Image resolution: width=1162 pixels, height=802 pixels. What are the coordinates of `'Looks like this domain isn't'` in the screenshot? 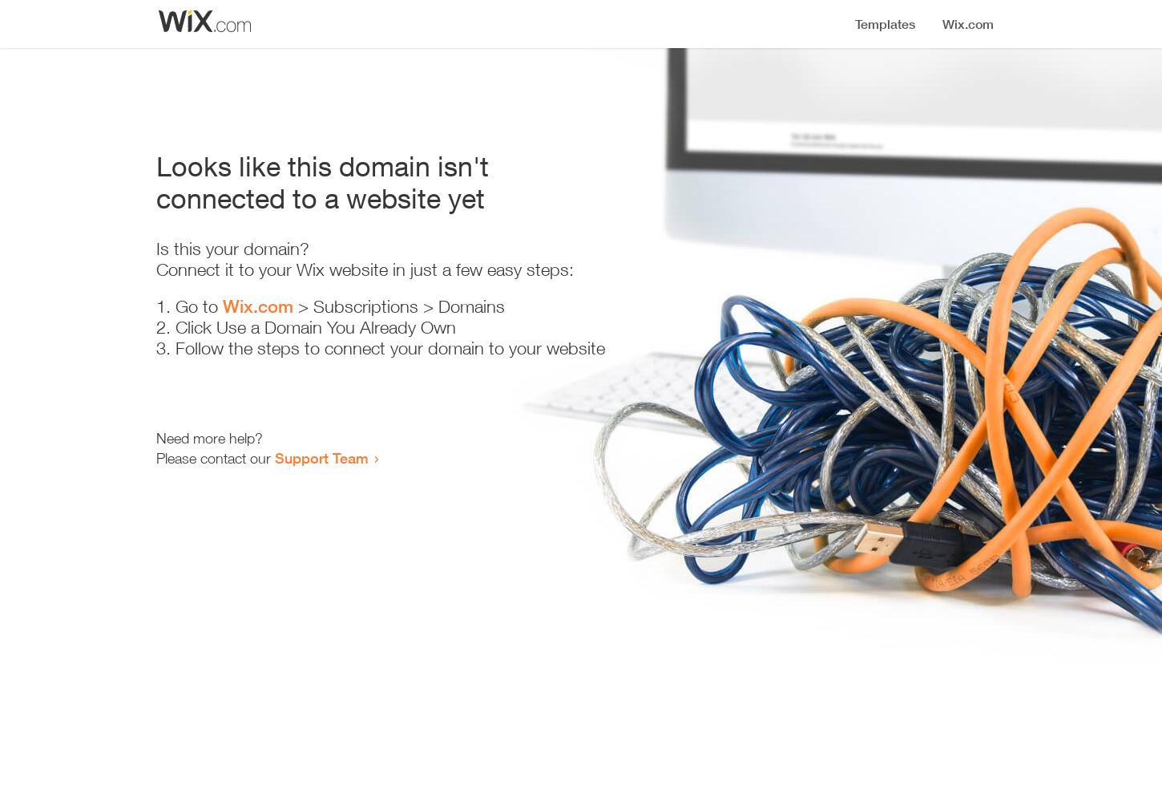 It's located at (155, 165).